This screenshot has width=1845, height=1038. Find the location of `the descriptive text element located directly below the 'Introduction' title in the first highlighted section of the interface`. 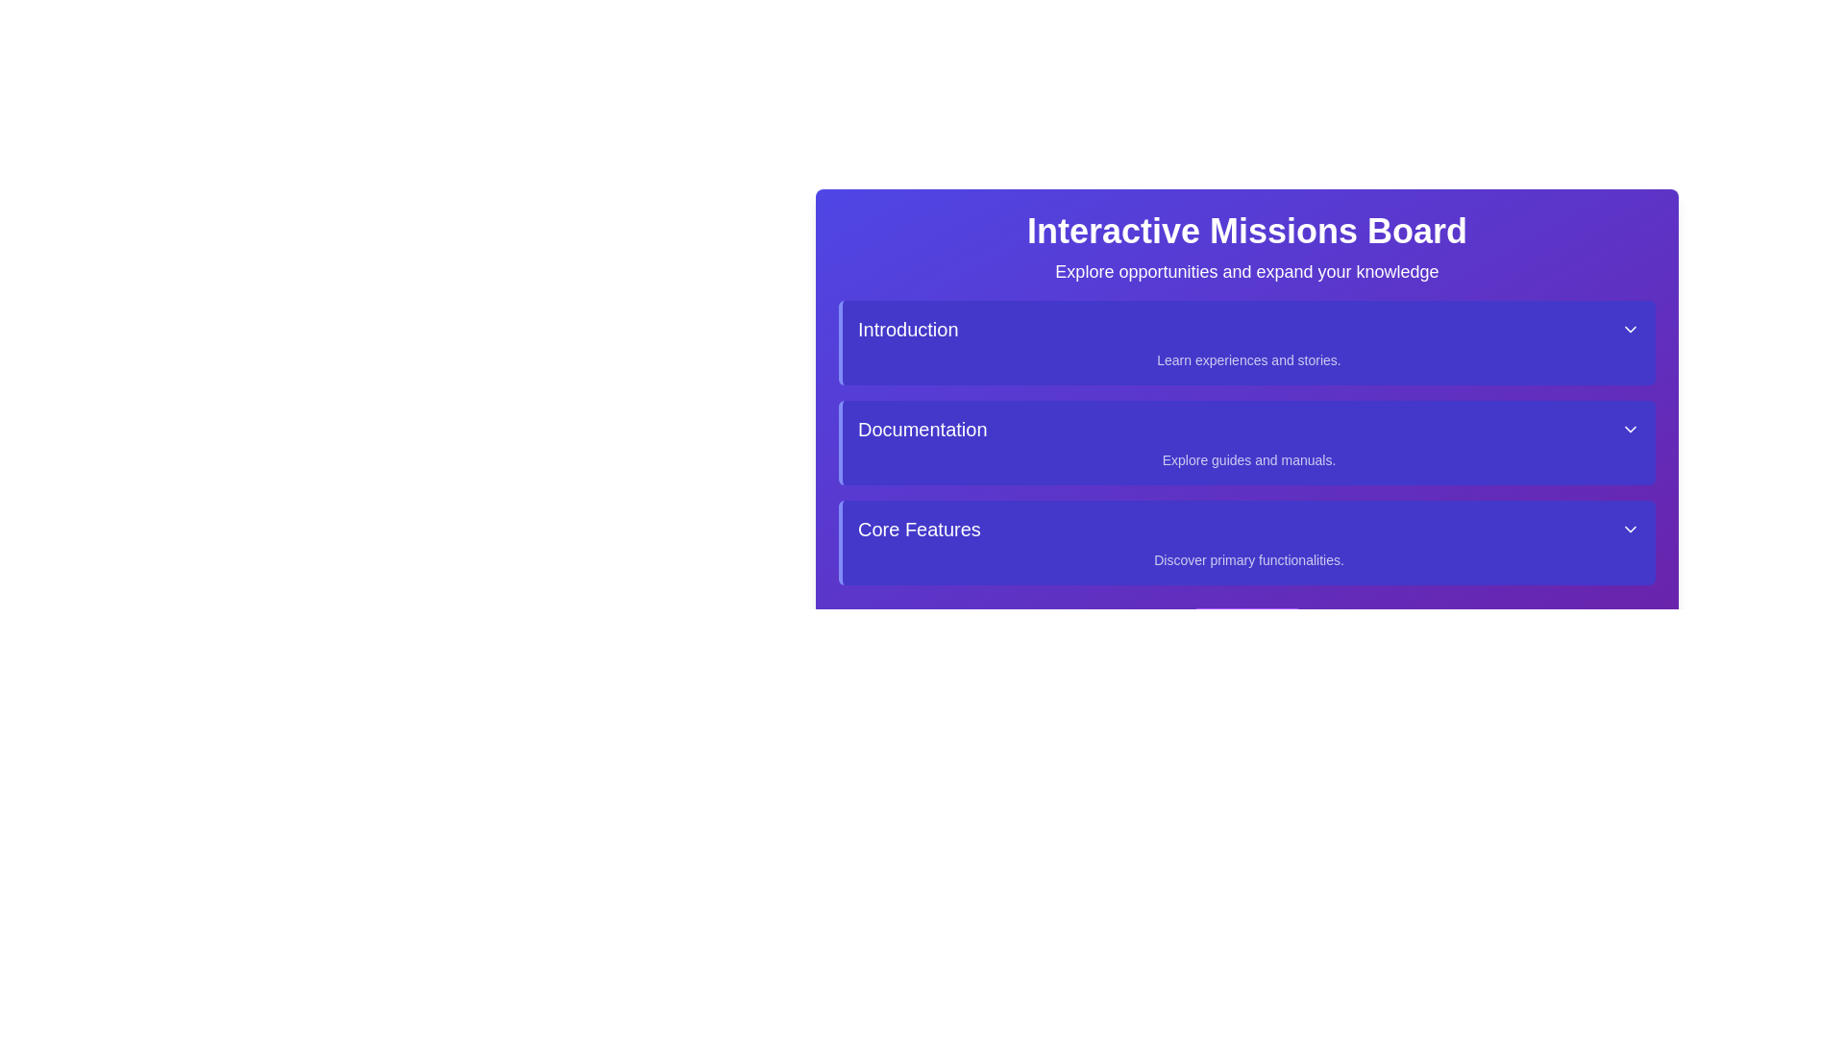

the descriptive text element located directly below the 'Introduction' title in the first highlighted section of the interface is located at coordinates (1249, 359).